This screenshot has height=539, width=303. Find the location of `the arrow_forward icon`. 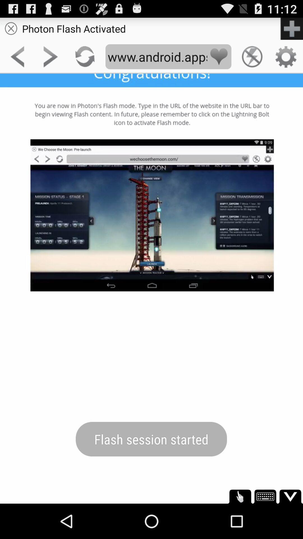

the arrow_forward icon is located at coordinates (51, 61).